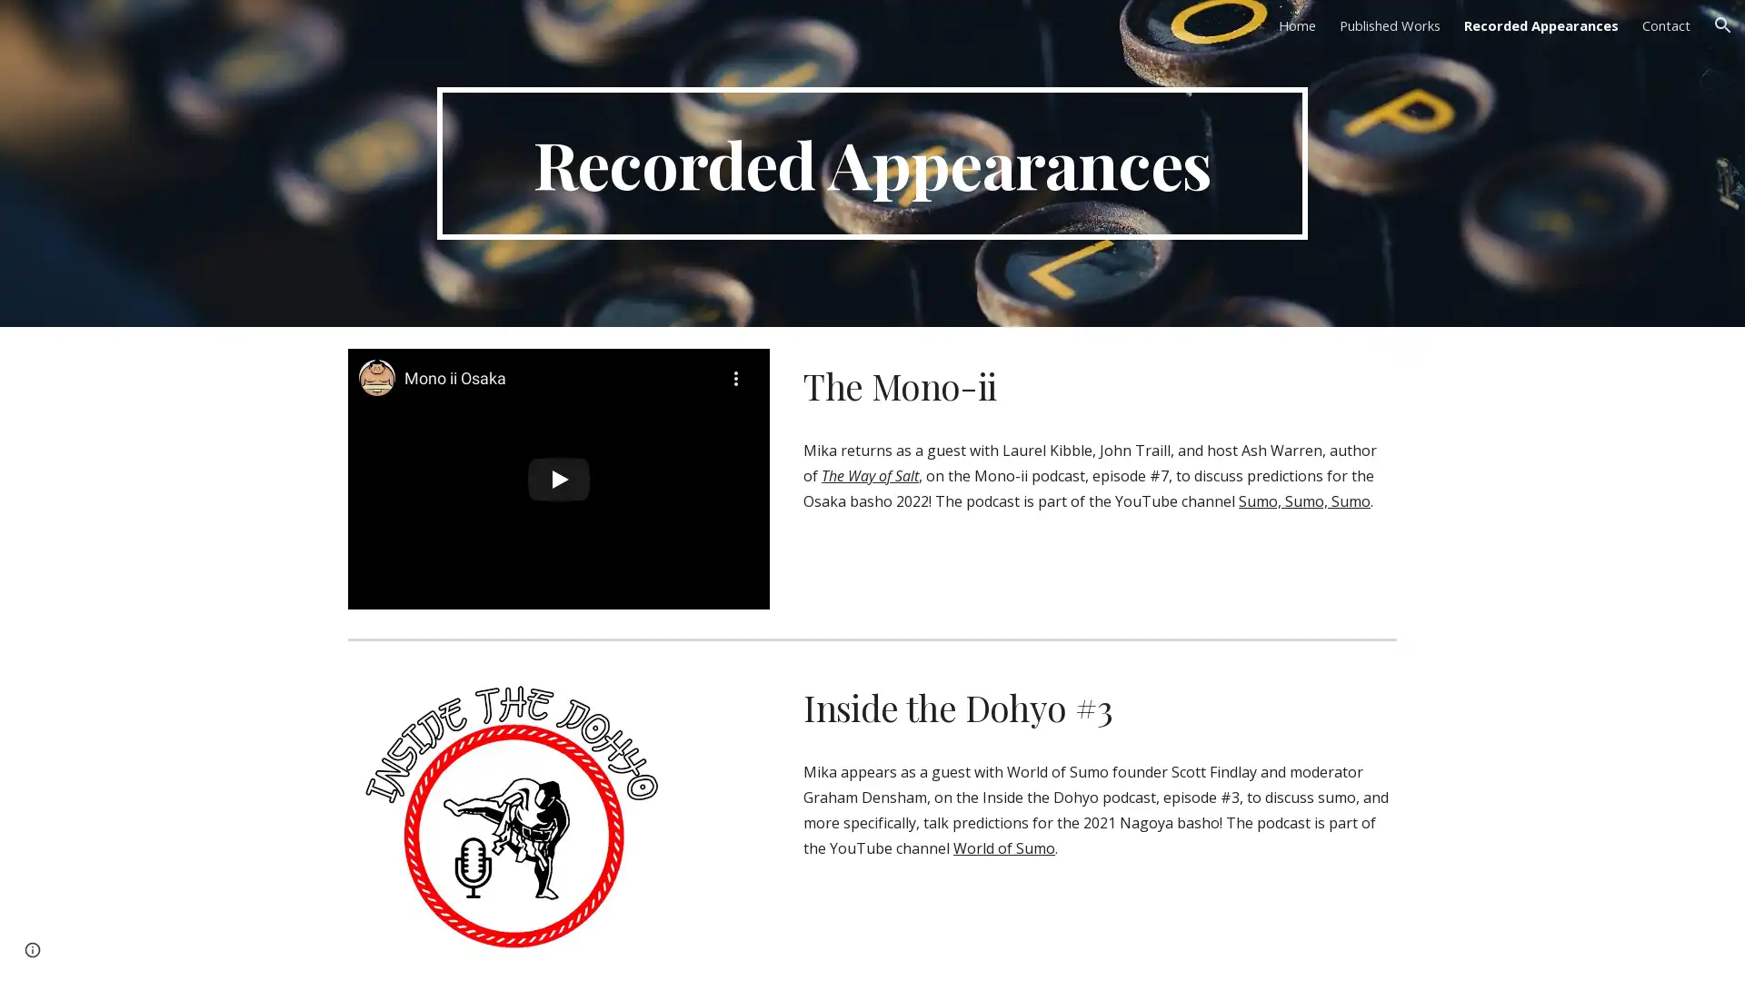  Describe the element at coordinates (1025, 384) in the screenshot. I see `Copy heading link` at that location.